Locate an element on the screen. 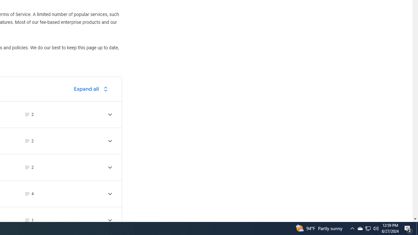  'Expand all' is located at coordinates (92, 89).